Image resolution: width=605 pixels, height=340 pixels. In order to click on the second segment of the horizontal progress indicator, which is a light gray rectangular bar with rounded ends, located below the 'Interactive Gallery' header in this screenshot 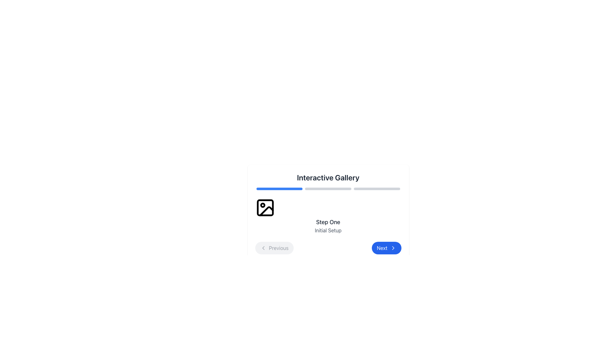, I will do `click(328, 189)`.